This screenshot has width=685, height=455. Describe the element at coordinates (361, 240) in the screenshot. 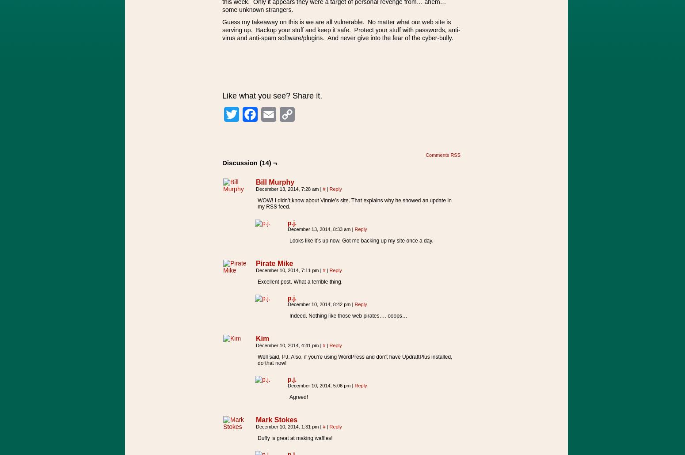

I see `'Looks like it’s up now.  Got me backing up my site once a day.'` at that location.